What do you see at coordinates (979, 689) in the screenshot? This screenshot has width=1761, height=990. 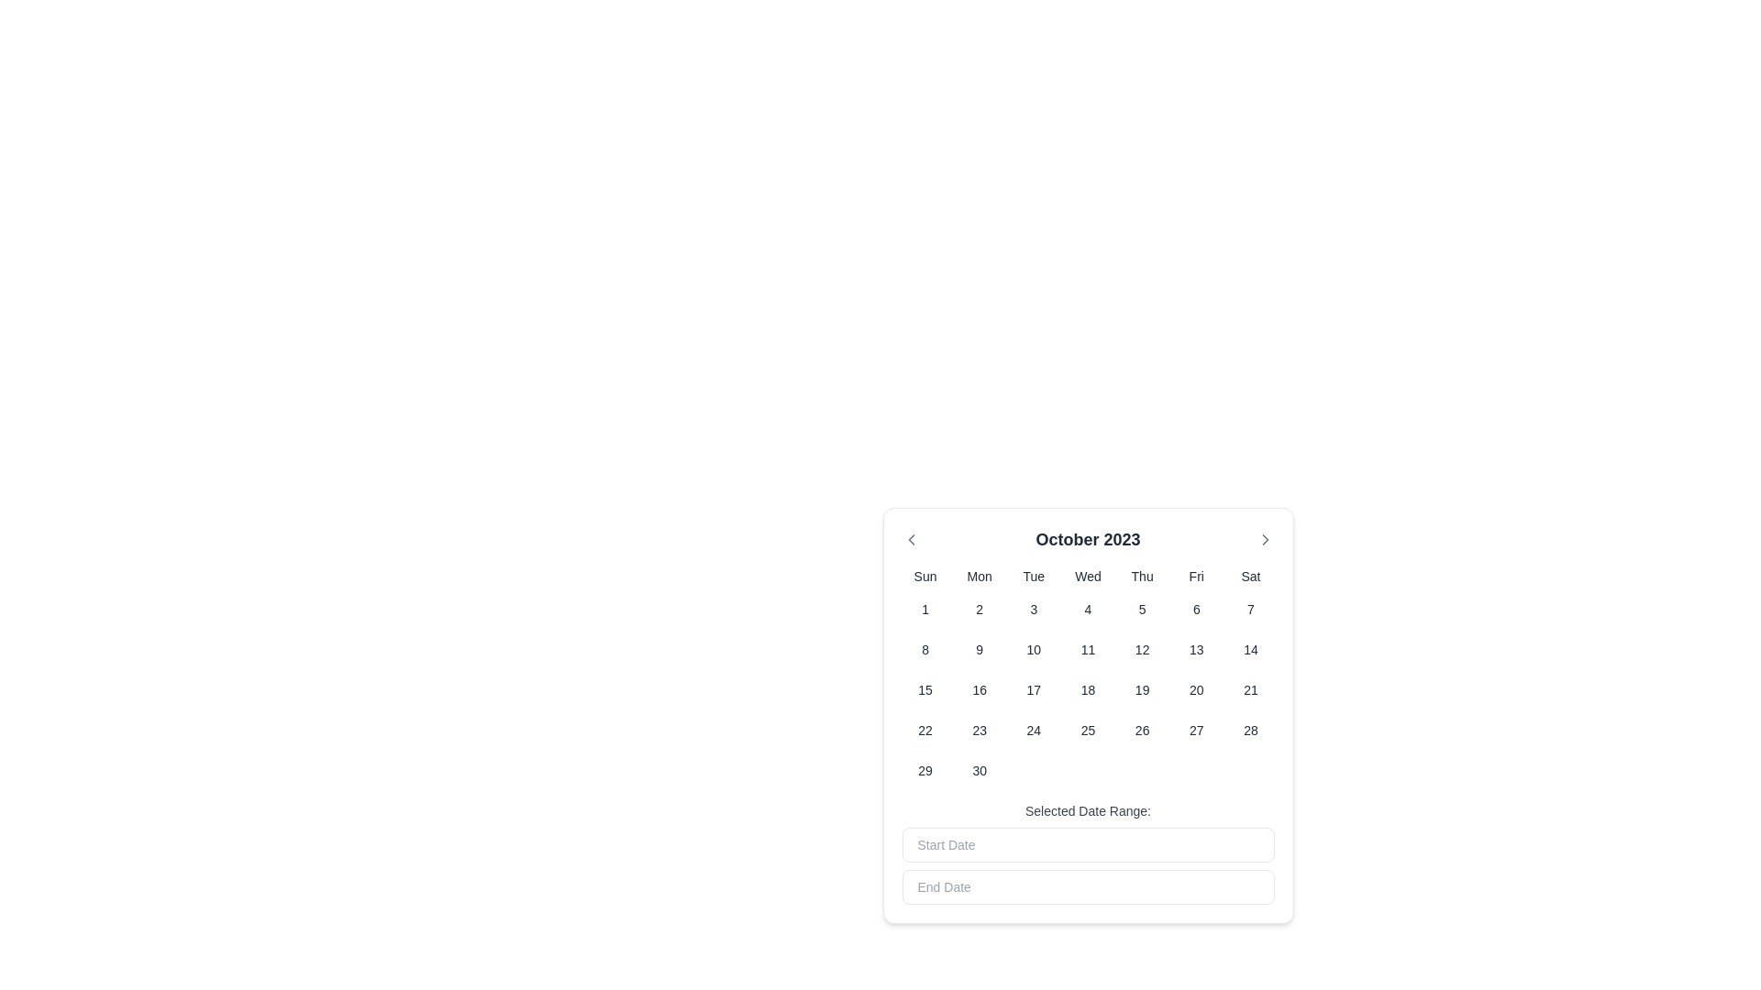 I see `the button displaying the number '16' in the calendar grid for October 2023` at bounding box center [979, 689].